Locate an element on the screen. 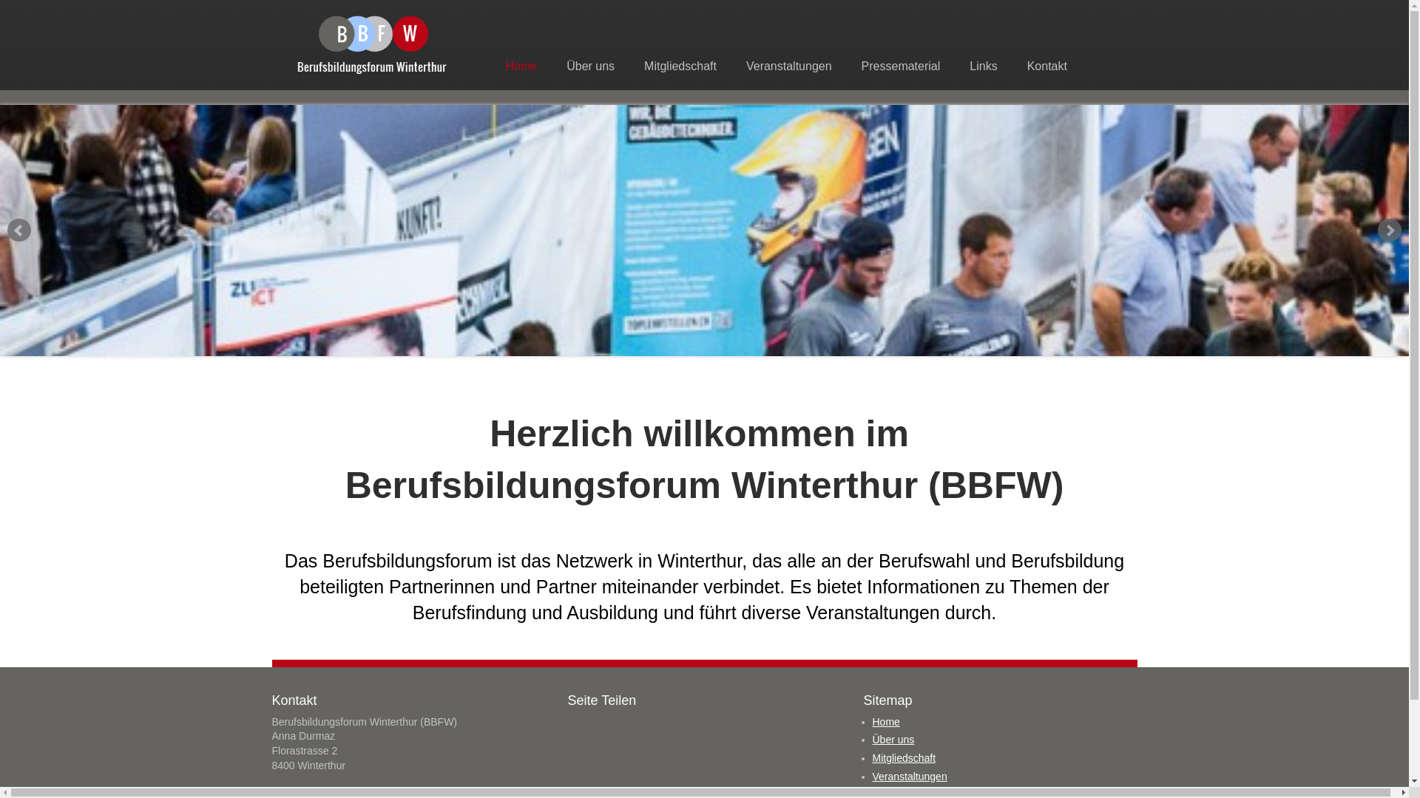 This screenshot has width=1420, height=798. 'Kontakt' is located at coordinates (1015, 65).